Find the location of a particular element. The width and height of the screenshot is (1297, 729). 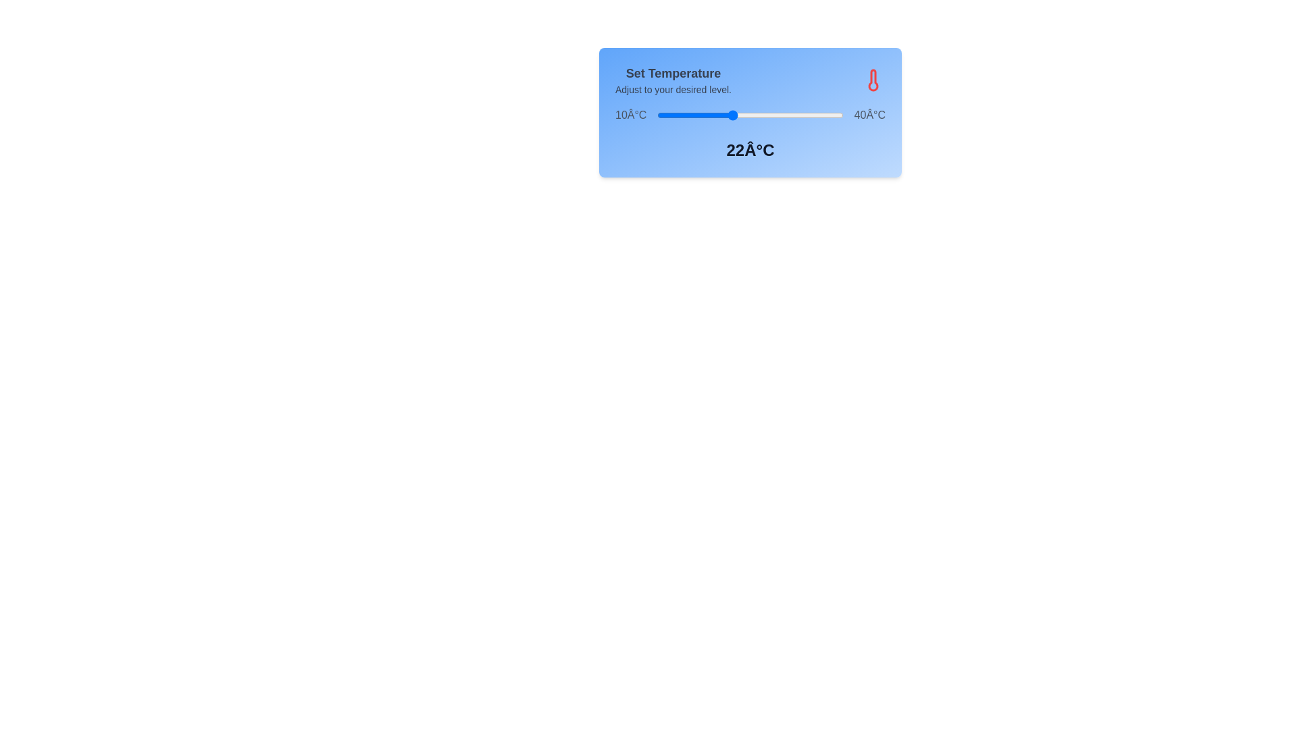

the temperature to 32°C by interacting with the slider is located at coordinates (794, 114).